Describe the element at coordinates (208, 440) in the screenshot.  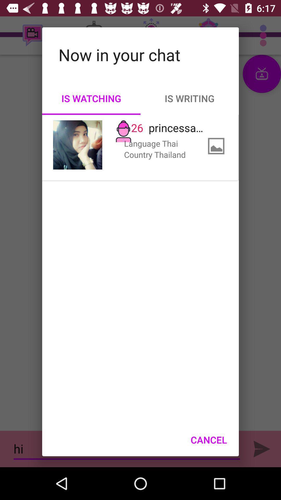
I see `the cancel` at that location.